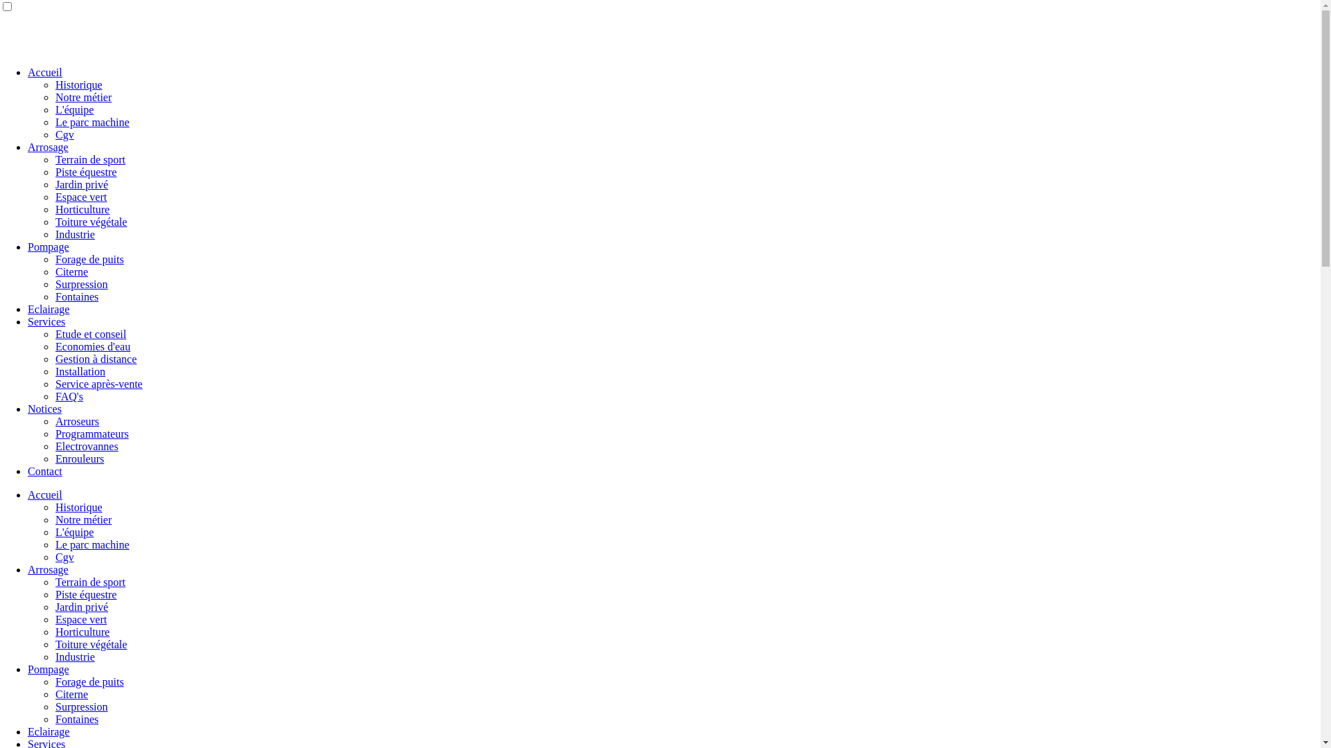 The width and height of the screenshot is (1331, 748). What do you see at coordinates (79, 458) in the screenshot?
I see `'Enrouleurs'` at bounding box center [79, 458].